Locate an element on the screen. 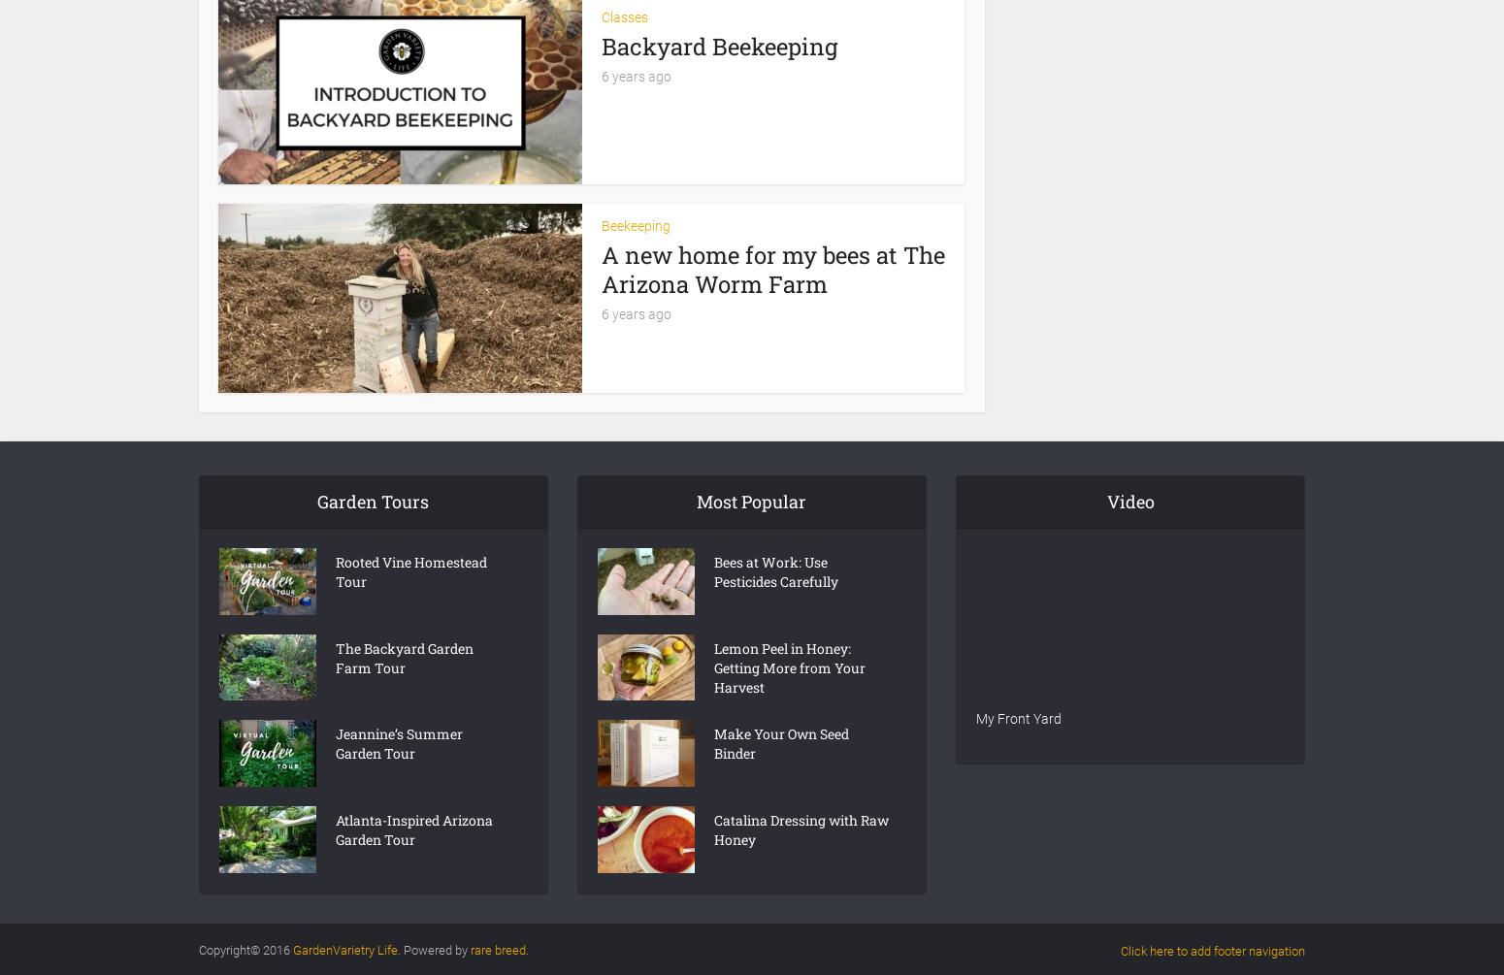  'Beekeeping' is located at coordinates (635, 223).